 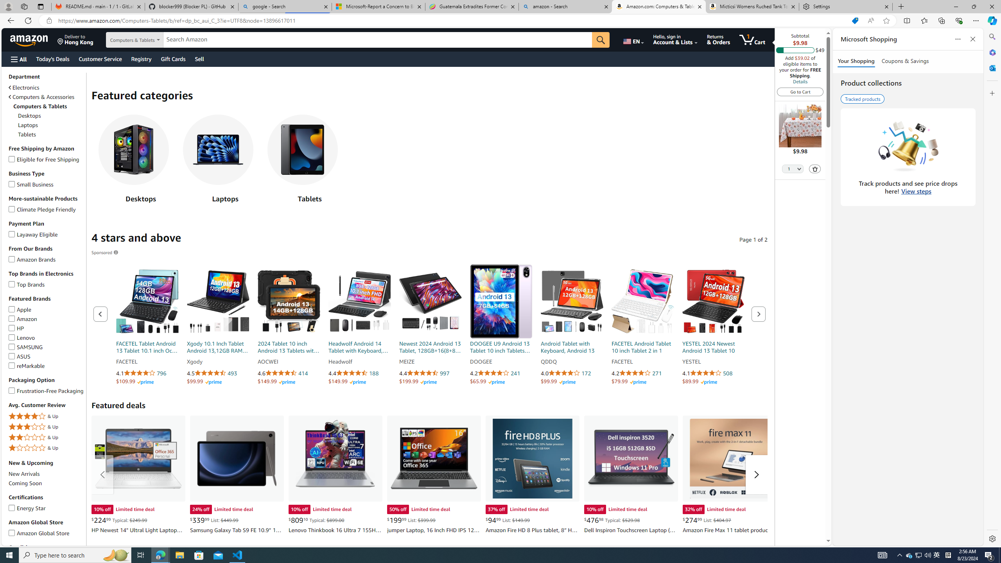 What do you see at coordinates (199, 59) in the screenshot?
I see `'Sell'` at bounding box center [199, 59].